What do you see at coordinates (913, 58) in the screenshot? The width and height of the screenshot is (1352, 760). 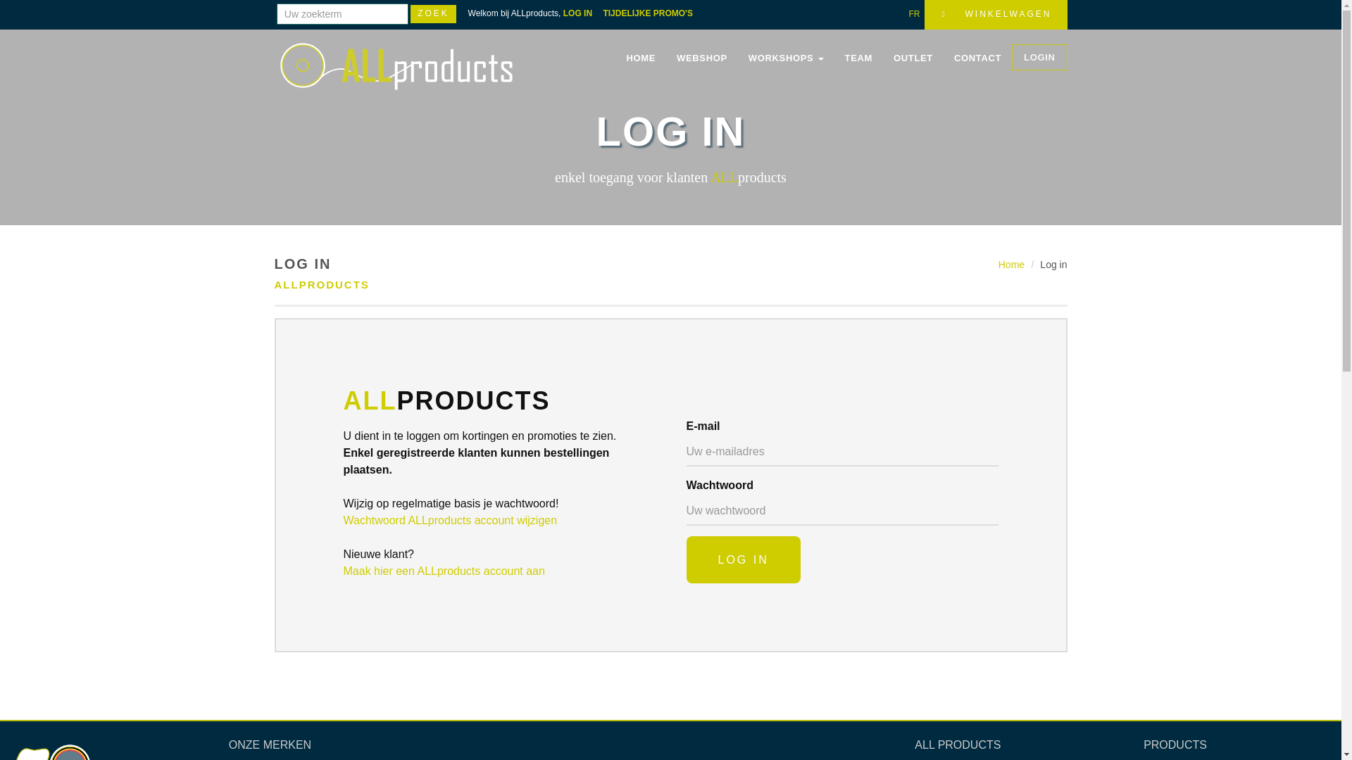 I see `'OUTLET'` at bounding box center [913, 58].